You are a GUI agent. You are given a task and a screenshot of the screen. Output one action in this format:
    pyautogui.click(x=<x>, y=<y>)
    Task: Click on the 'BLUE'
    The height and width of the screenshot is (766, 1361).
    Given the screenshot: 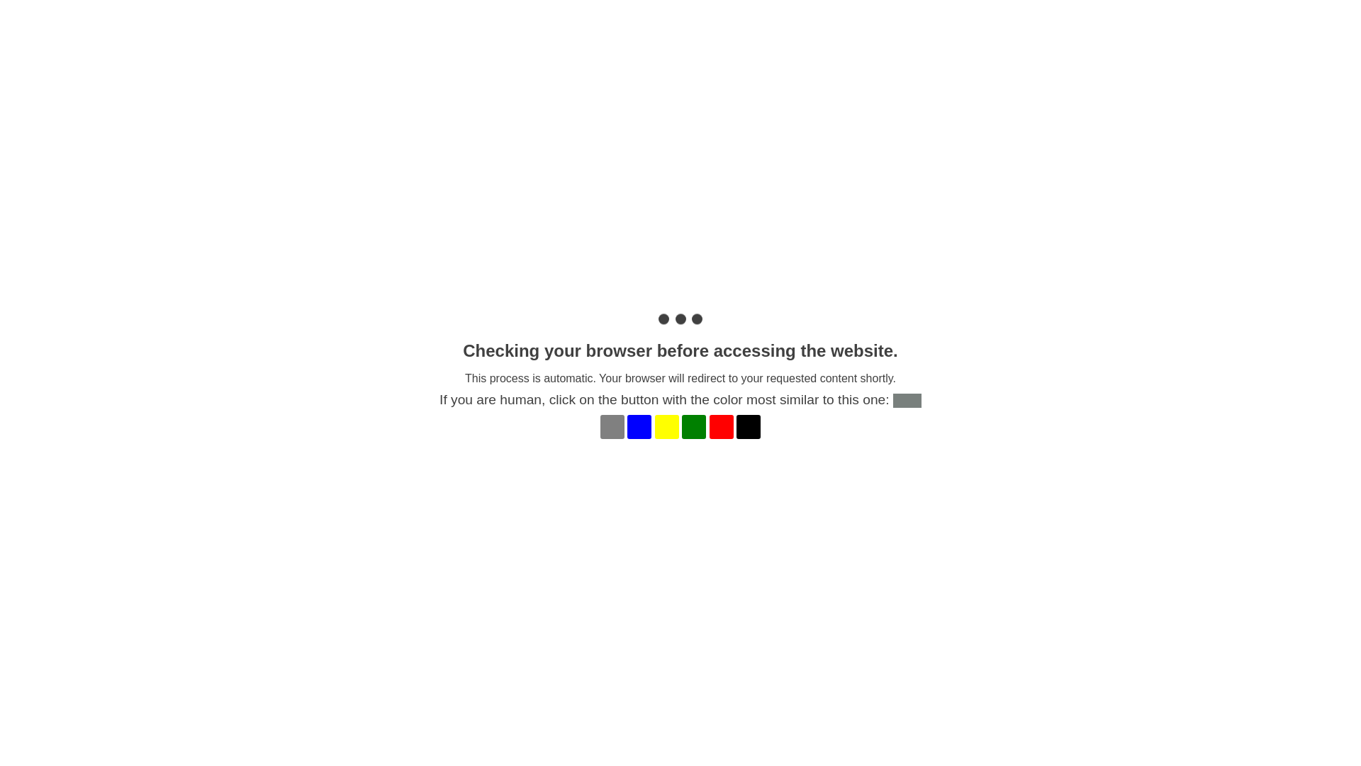 What is the action you would take?
    pyautogui.click(x=639, y=426)
    